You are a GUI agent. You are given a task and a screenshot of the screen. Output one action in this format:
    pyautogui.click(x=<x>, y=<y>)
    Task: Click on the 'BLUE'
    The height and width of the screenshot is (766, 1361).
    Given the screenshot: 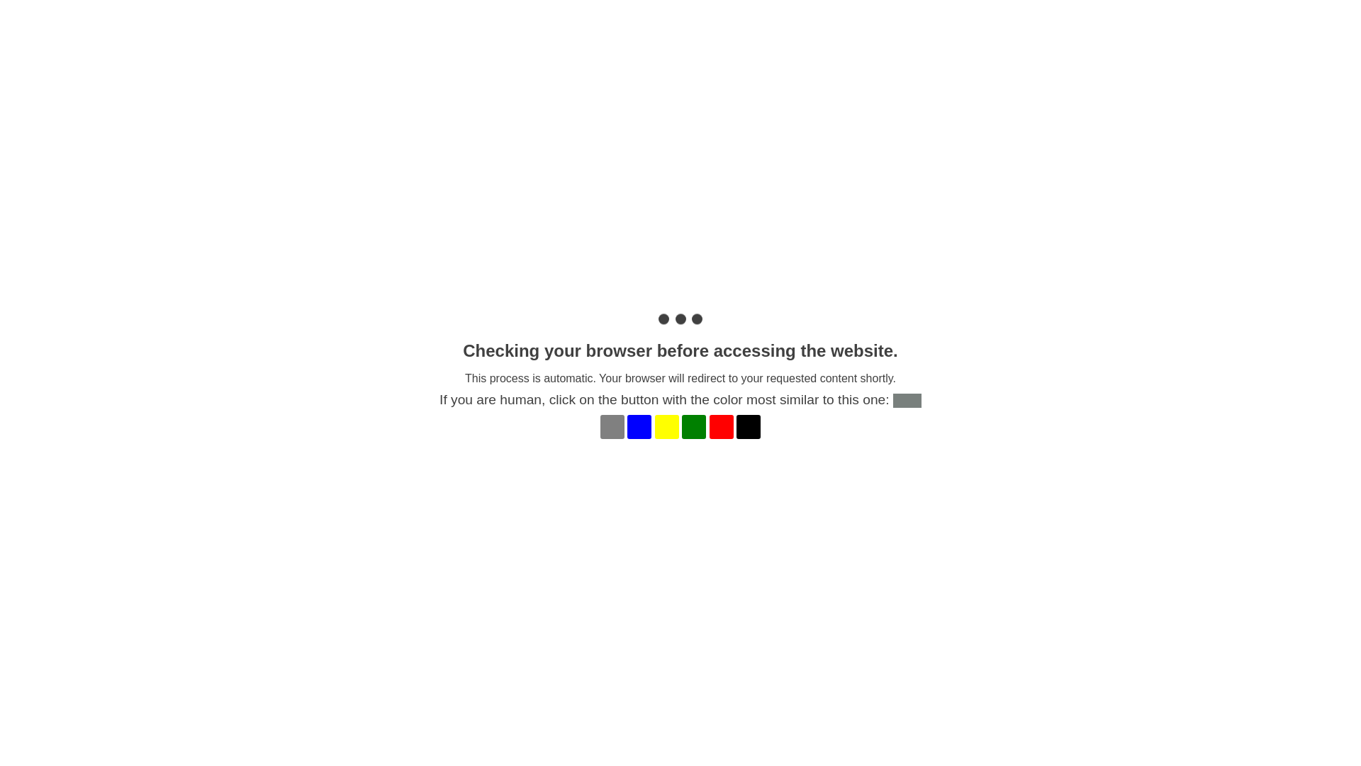 What is the action you would take?
    pyautogui.click(x=639, y=426)
    